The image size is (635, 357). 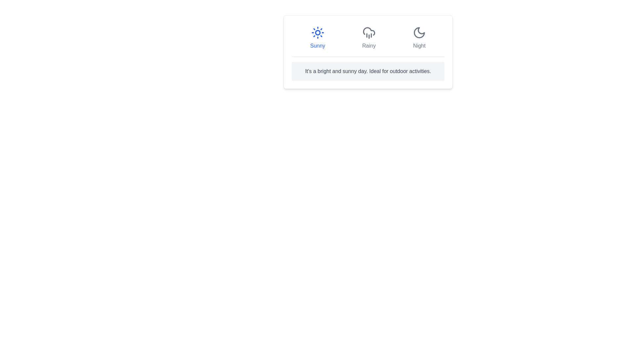 I want to click on the tab corresponding to Night to view its details, so click(x=419, y=38).